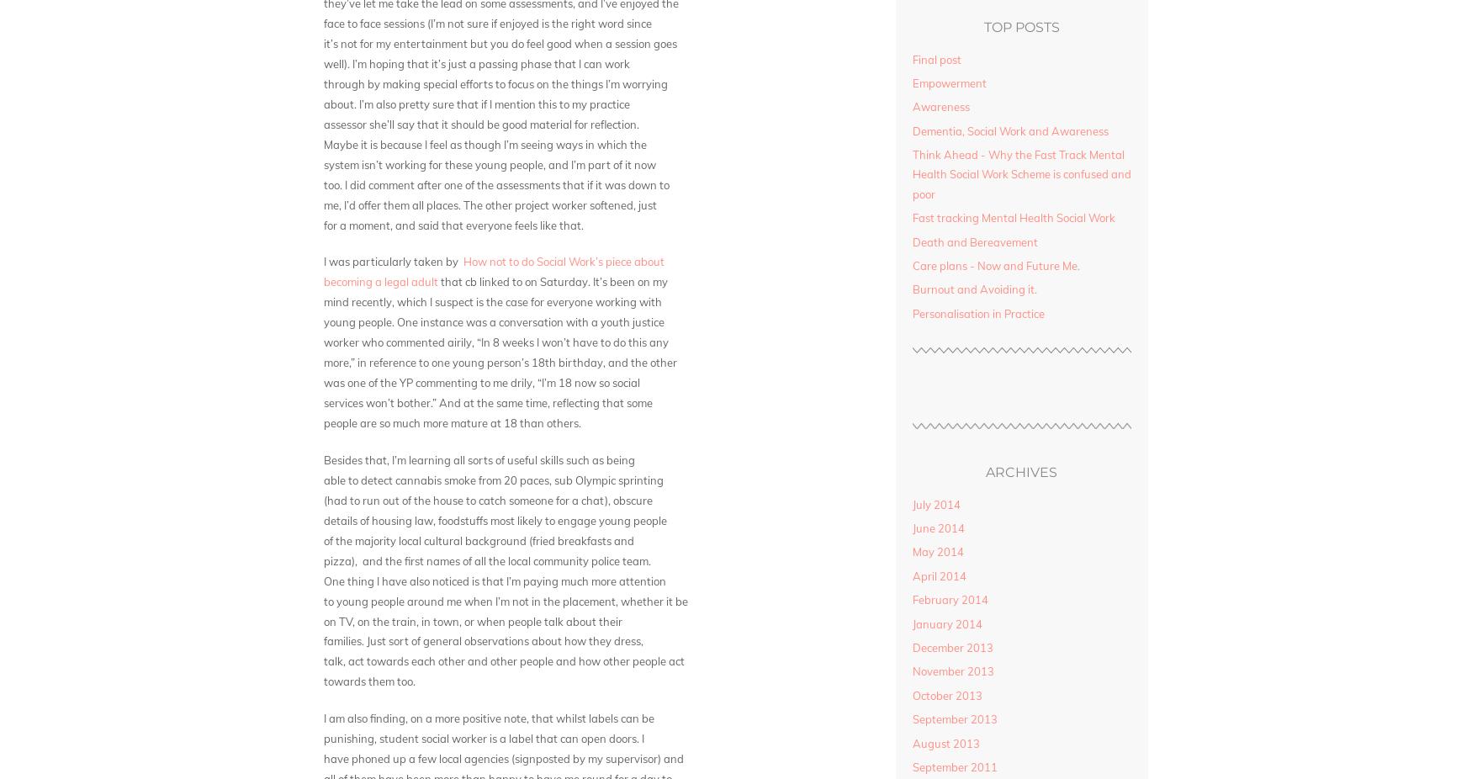  What do you see at coordinates (323, 757) in the screenshot?
I see `'have phoned up a few local agencies (signposted by my supervisor) and'` at bounding box center [323, 757].